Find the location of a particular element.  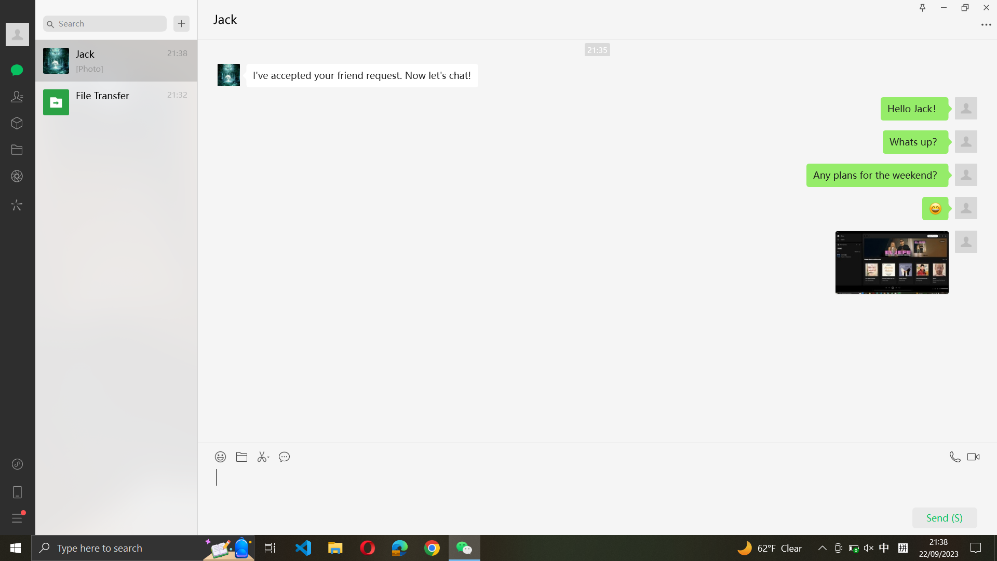

Navigate to, and open, the third conversation in the chat tab is located at coordinates (17, 70).